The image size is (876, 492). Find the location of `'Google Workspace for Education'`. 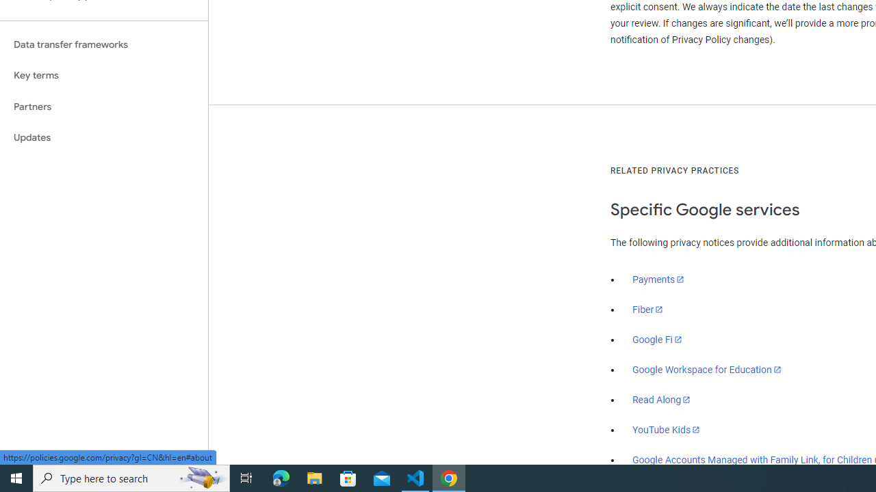

'Google Workspace for Education' is located at coordinates (706, 370).